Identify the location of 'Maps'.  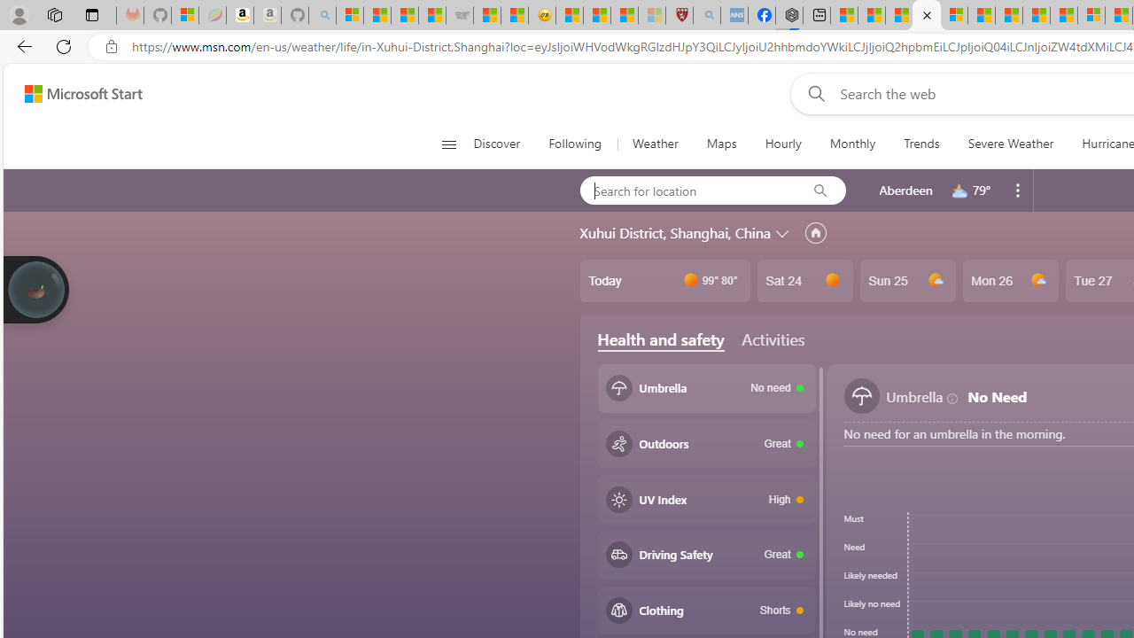
(721, 144).